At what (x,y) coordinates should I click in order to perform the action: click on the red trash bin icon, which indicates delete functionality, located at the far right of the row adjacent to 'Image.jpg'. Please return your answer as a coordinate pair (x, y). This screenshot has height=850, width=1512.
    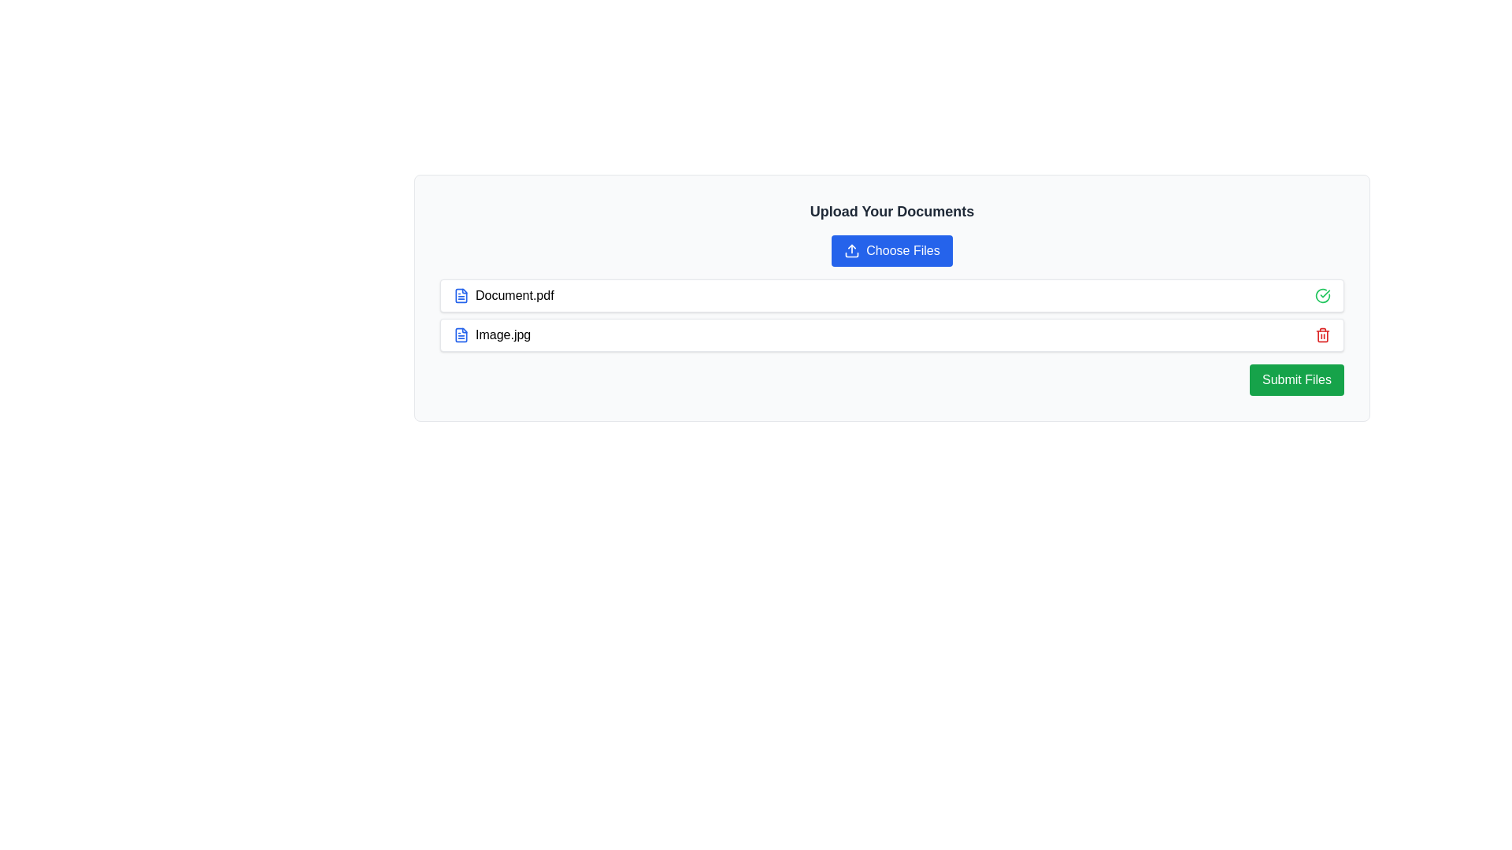
    Looking at the image, I should click on (1323, 334).